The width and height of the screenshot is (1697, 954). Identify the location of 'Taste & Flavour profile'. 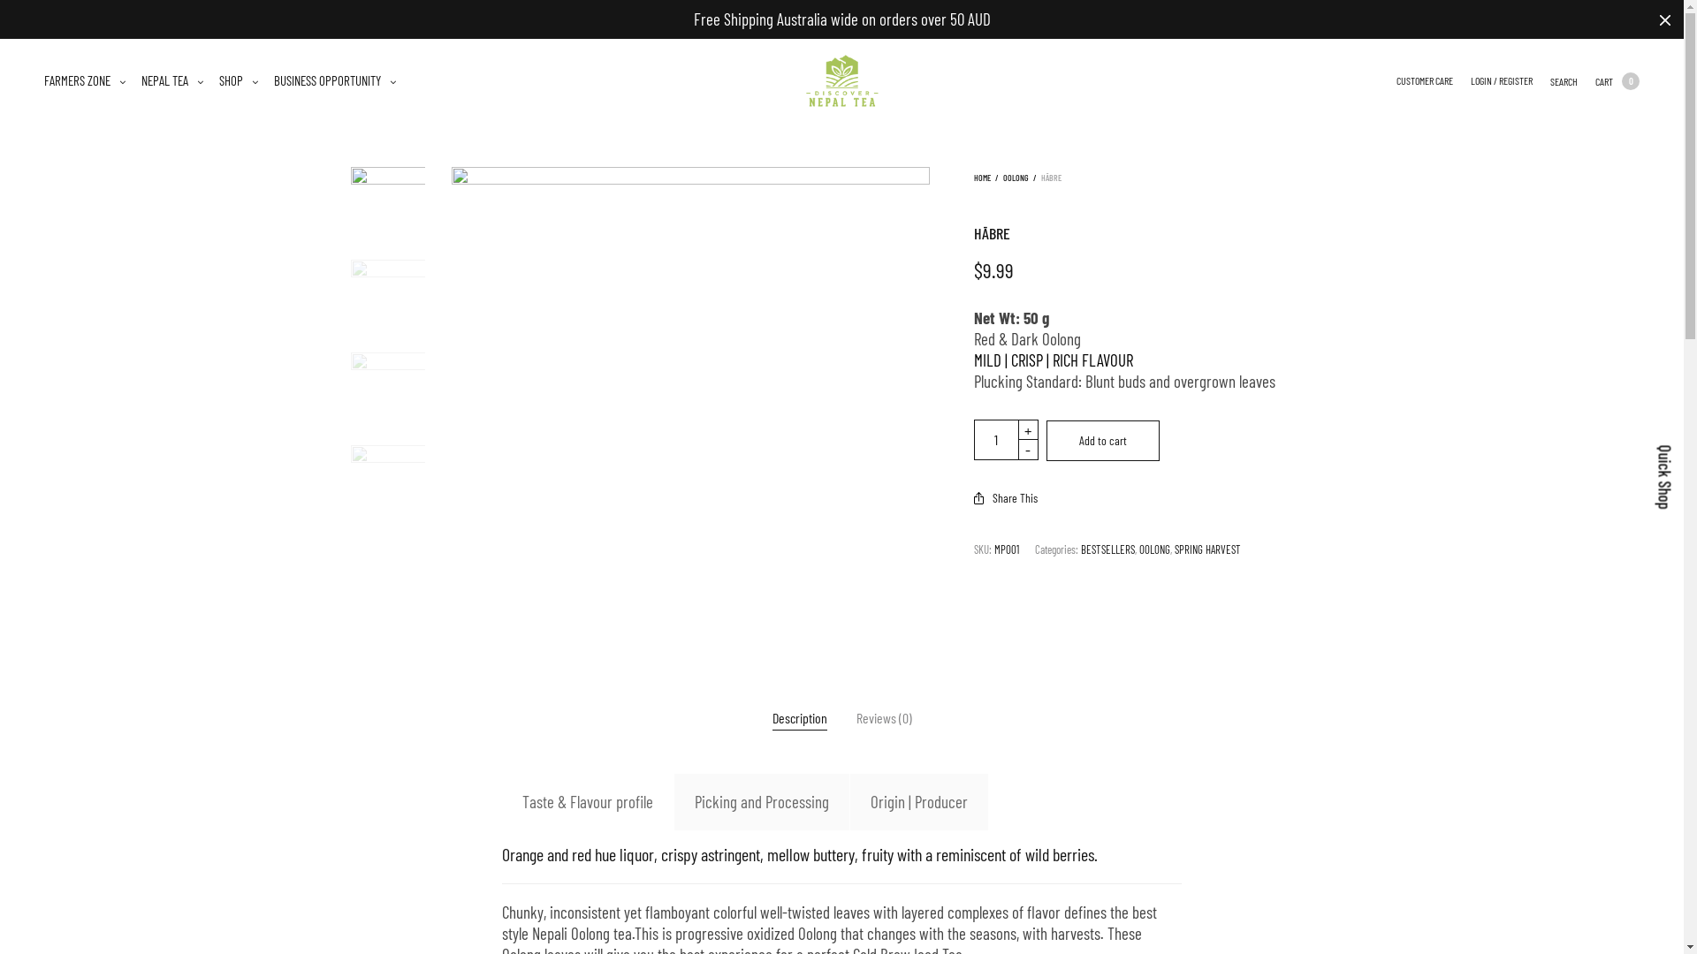
(500, 801).